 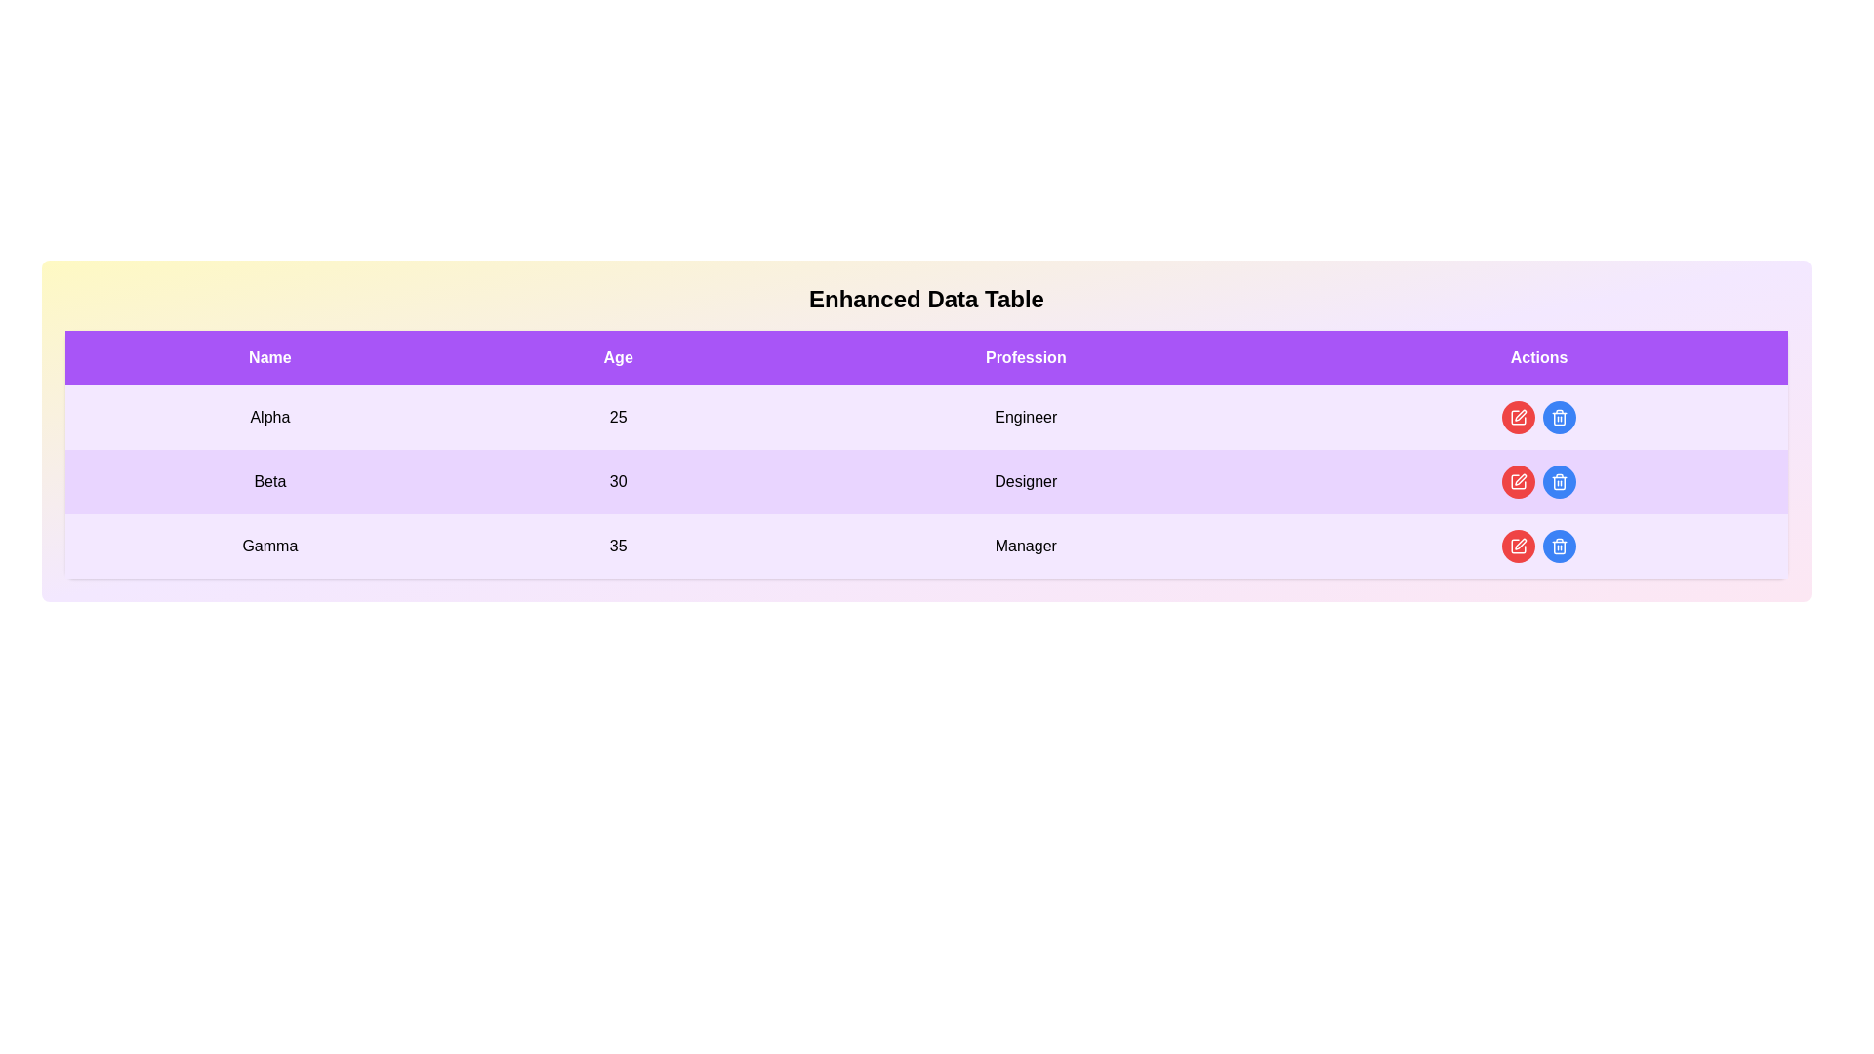 What do you see at coordinates (1559, 546) in the screenshot?
I see `delete button for the entry with name Gamma` at bounding box center [1559, 546].